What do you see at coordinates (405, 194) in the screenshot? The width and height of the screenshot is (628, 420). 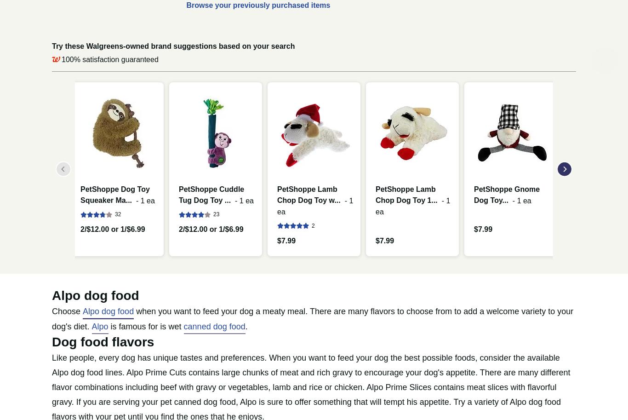 I see `'PetShoppe Lamb Chop Dog Toy 1...'` at bounding box center [405, 194].